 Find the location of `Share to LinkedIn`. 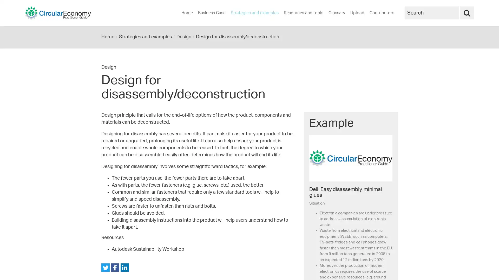

Share to LinkedIn is located at coordinates (125, 268).